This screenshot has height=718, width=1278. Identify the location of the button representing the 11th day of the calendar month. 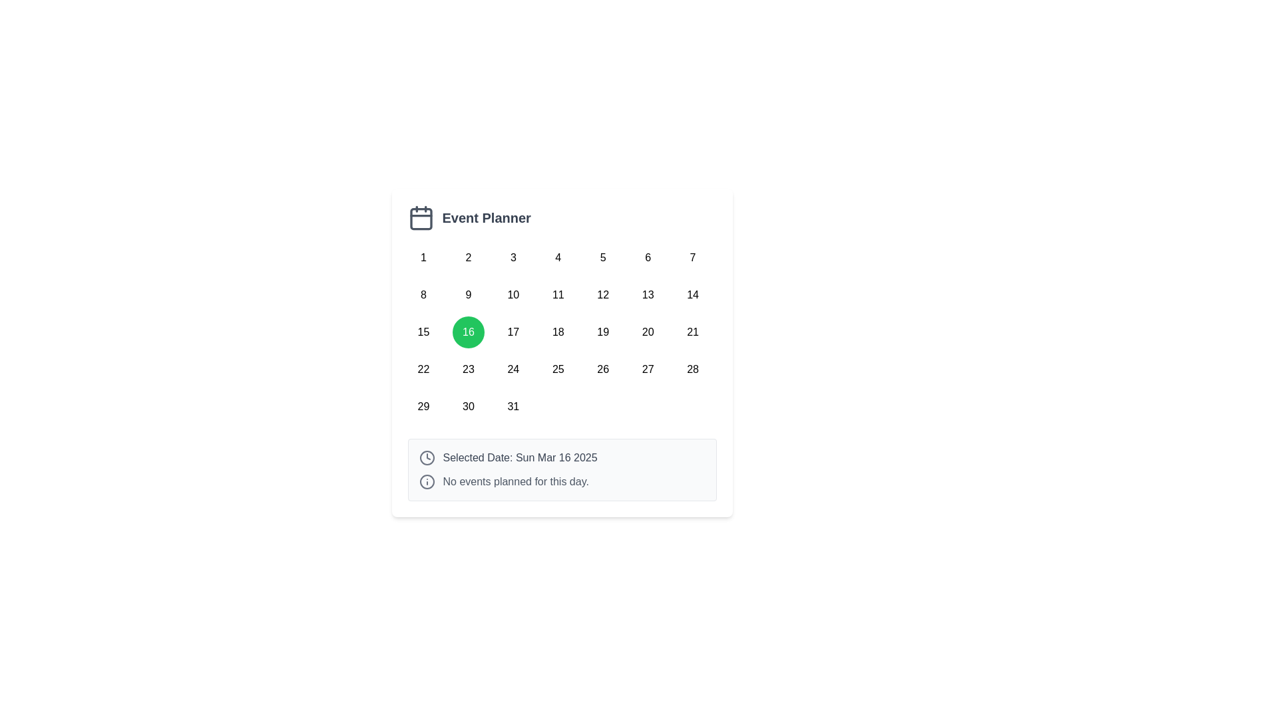
(558, 294).